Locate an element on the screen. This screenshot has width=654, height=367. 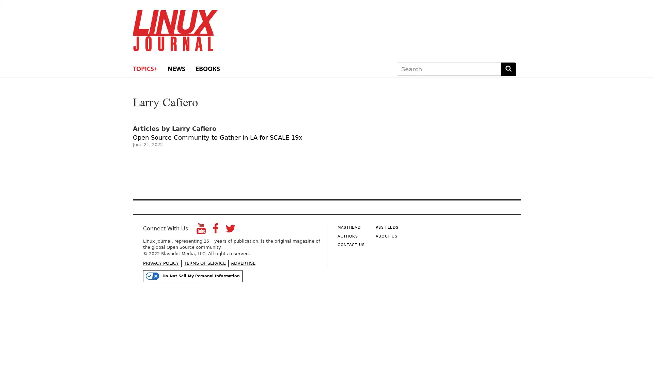
Search is located at coordinates (508, 69).